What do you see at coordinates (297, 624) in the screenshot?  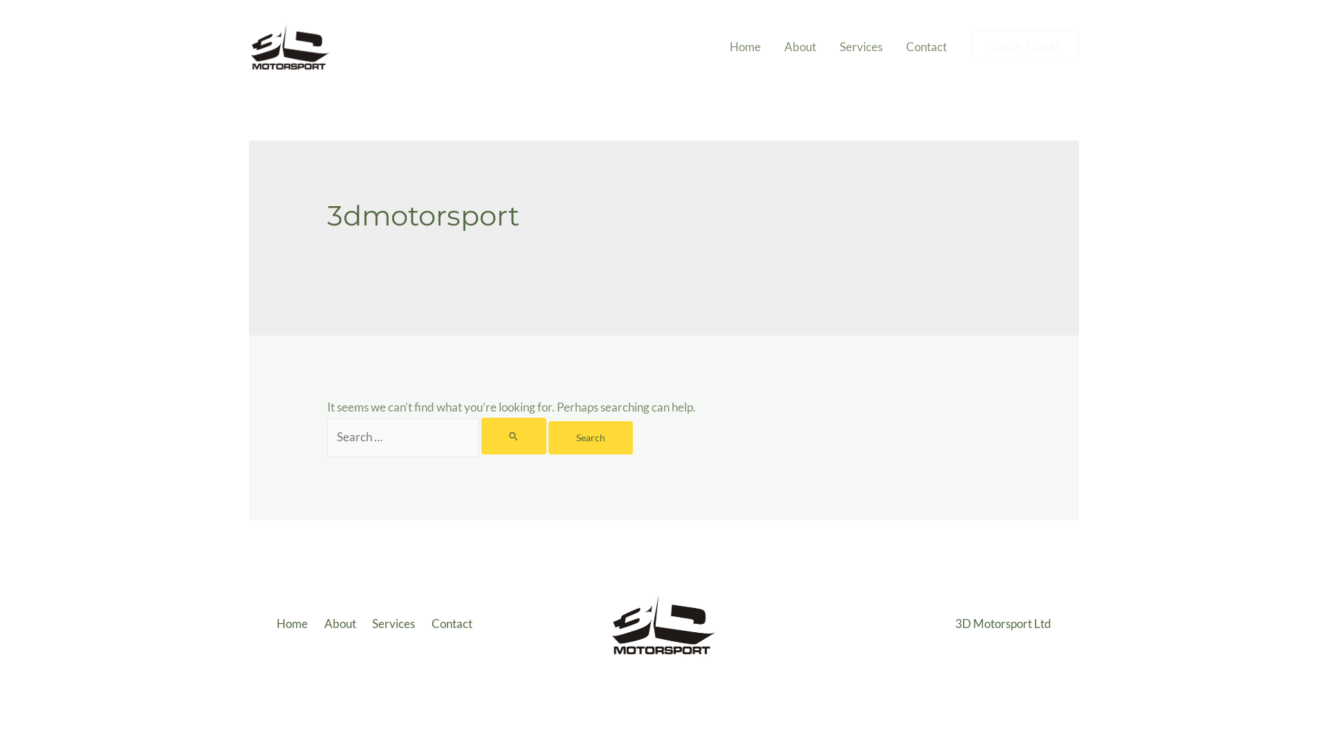 I see `'Home'` at bounding box center [297, 624].